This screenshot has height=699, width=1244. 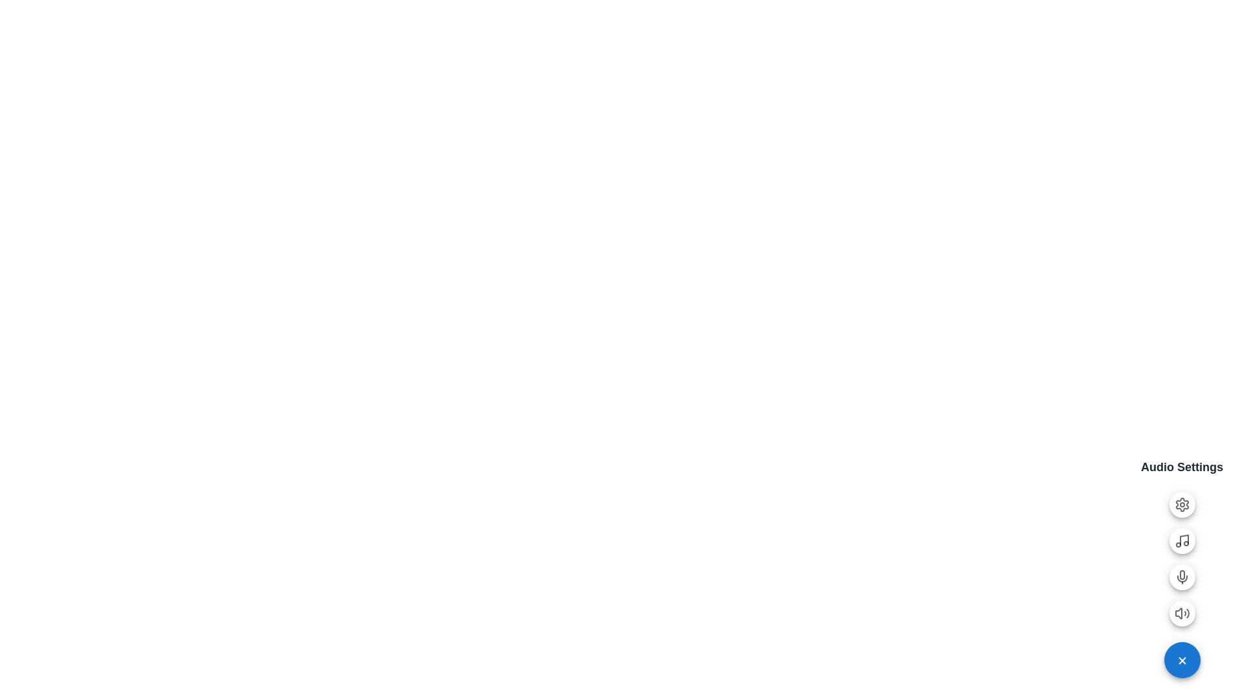 I want to click on the sound or volume icon located in the bottom right corner of the interface, below the 'Audio Settings' label, so click(x=1179, y=613).